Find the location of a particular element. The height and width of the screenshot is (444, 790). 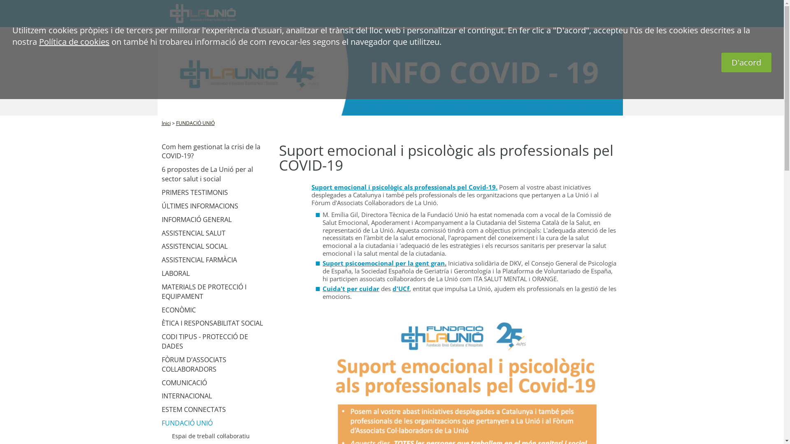

'Inici' is located at coordinates (165, 123).